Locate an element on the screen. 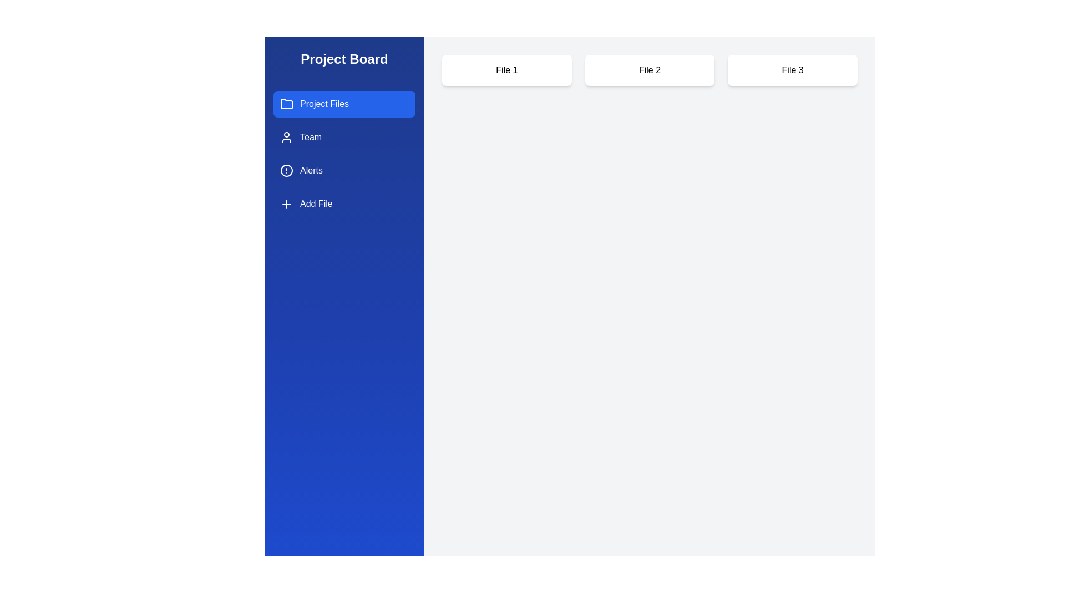  the circular icon in the navigation menu that represents the 'Alerts' button, which is styled in white against a dark blue background and located to the left of the 'Alerts' text is located at coordinates (287, 171).